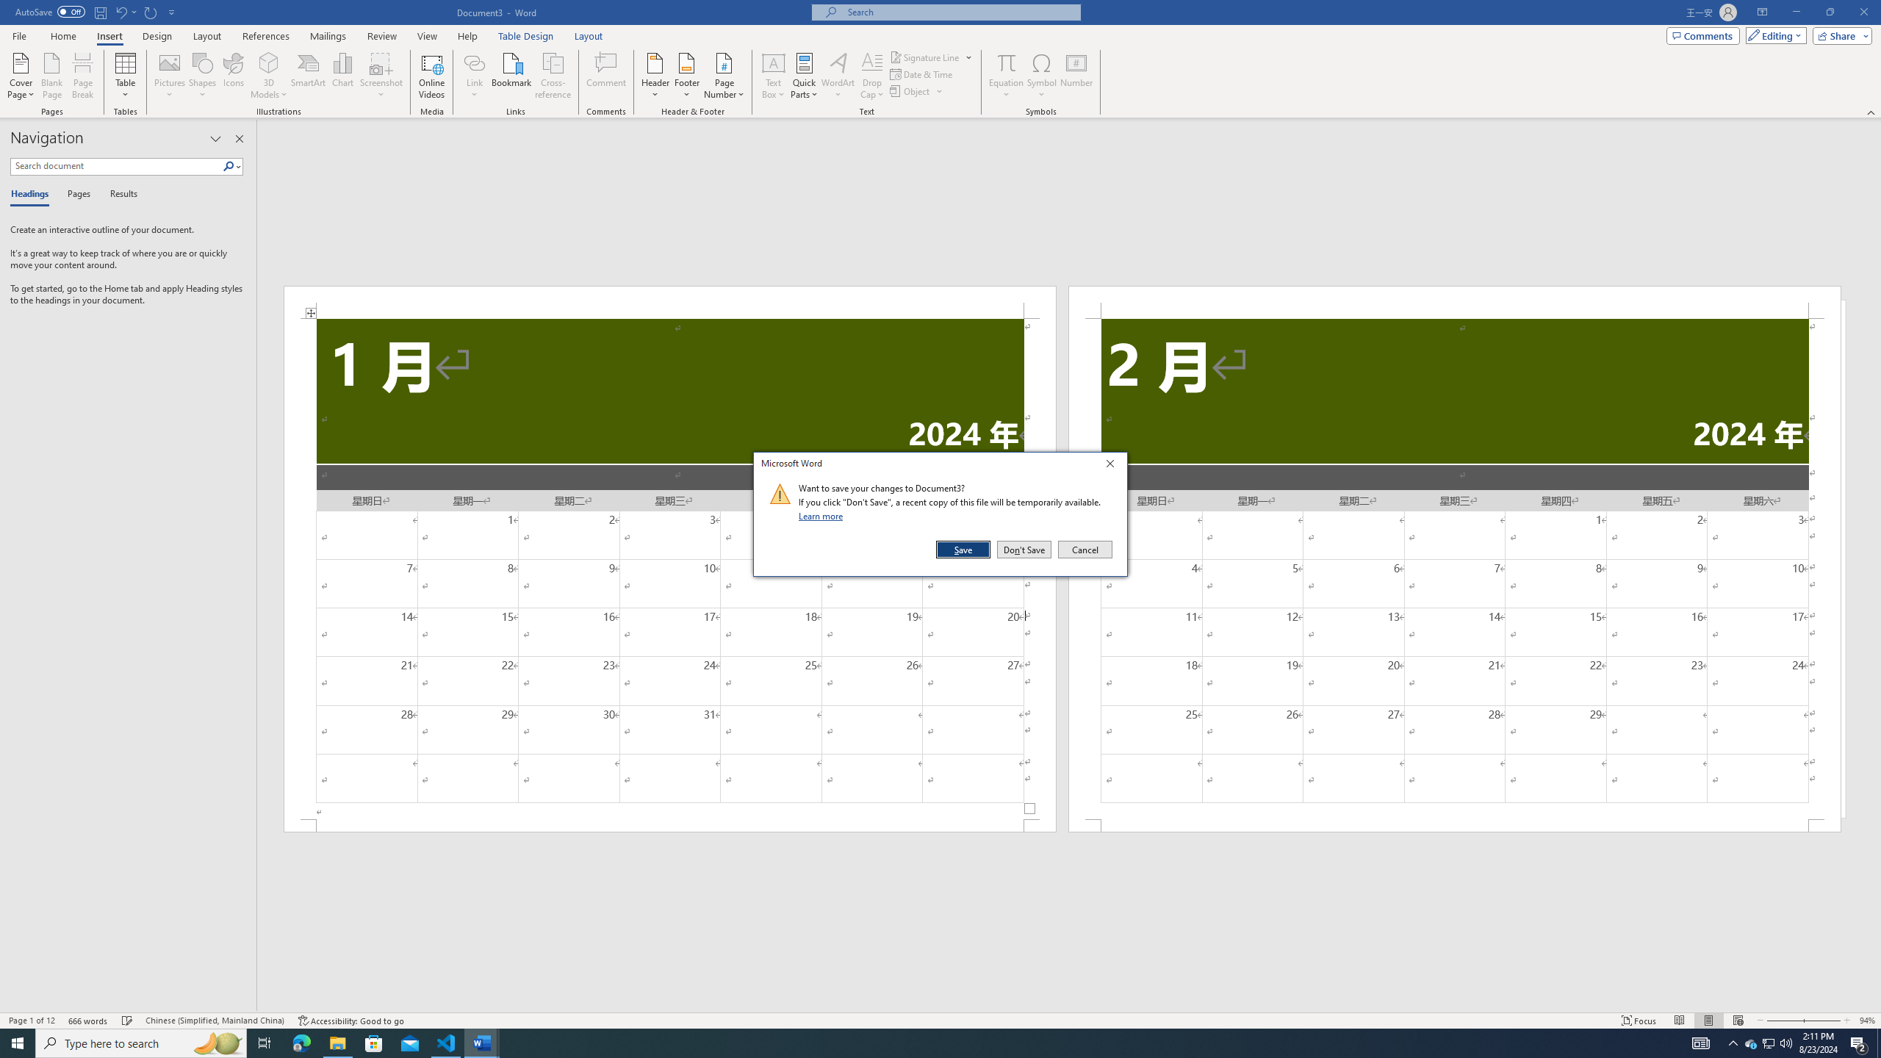 The height and width of the screenshot is (1058, 1881). I want to click on 'Search', so click(231, 165).